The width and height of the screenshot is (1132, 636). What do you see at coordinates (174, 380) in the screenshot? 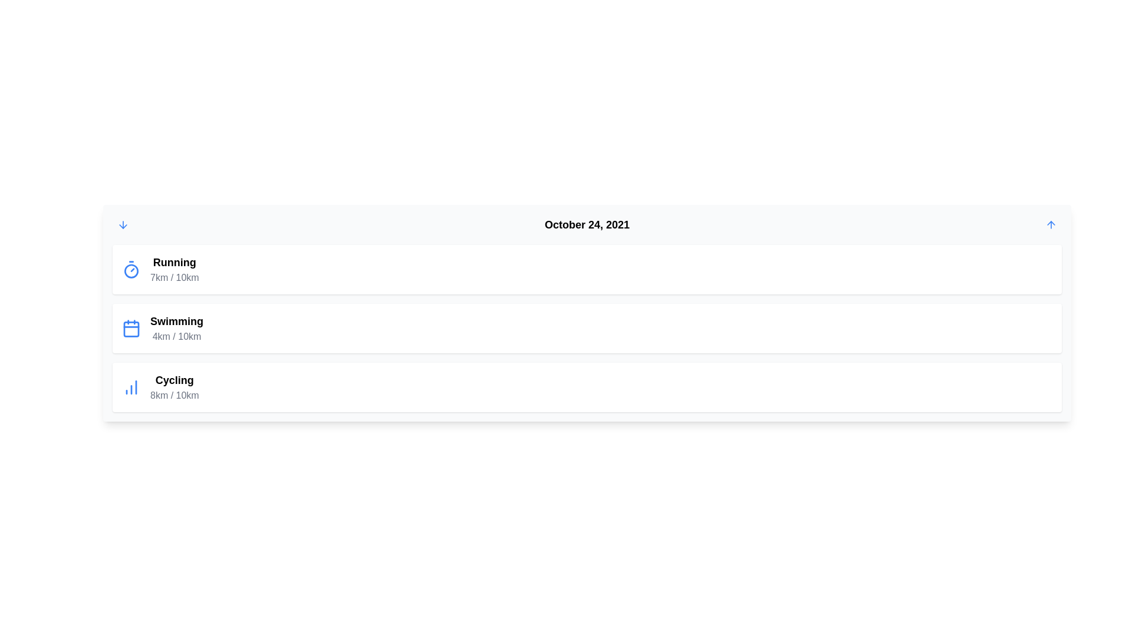
I see `the 'Cycling' text label, which is in bold black font, located in the third card of activity cards, positioned above the '8km / 10km' text` at bounding box center [174, 380].